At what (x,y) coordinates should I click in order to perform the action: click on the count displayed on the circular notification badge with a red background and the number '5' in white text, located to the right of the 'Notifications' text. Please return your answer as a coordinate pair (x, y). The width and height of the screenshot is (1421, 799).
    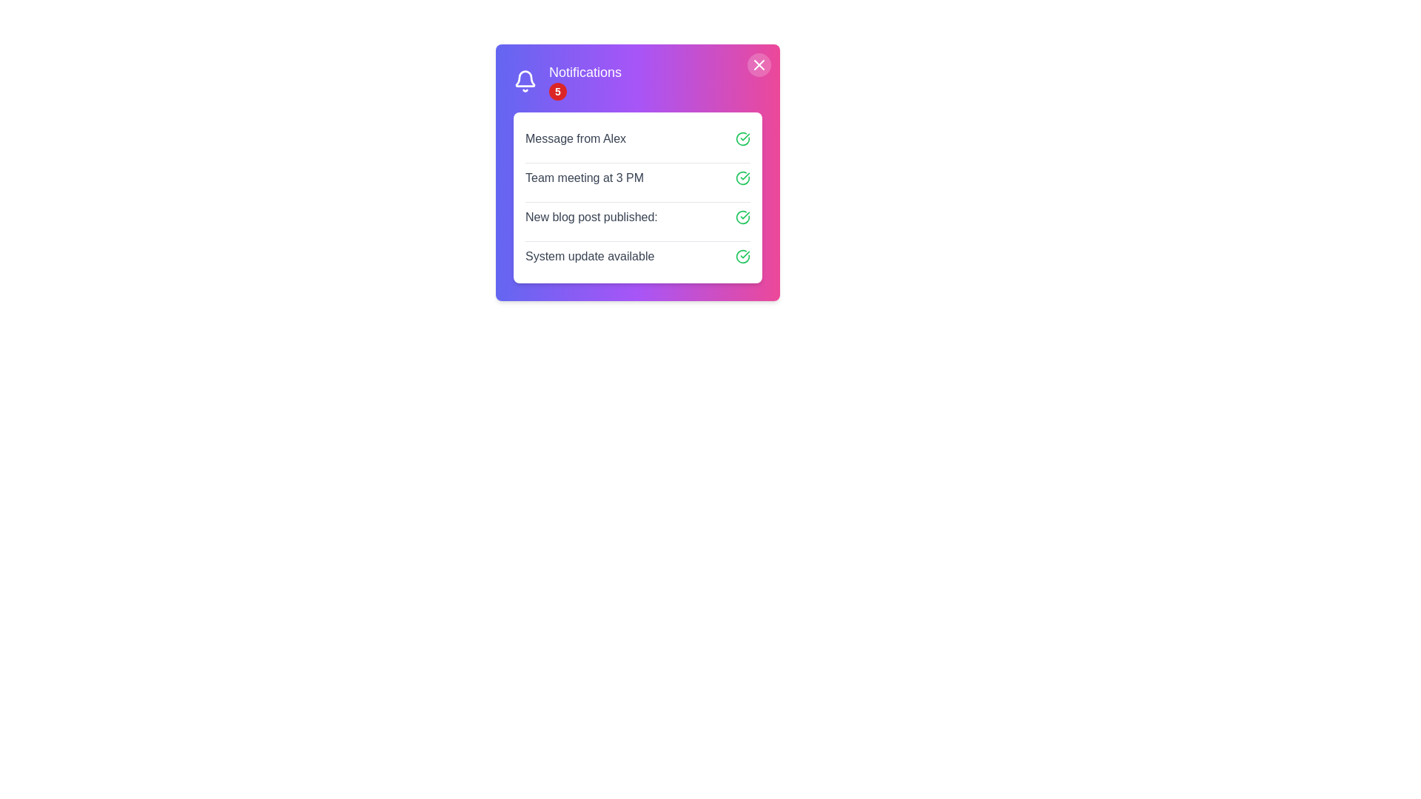
    Looking at the image, I should click on (557, 91).